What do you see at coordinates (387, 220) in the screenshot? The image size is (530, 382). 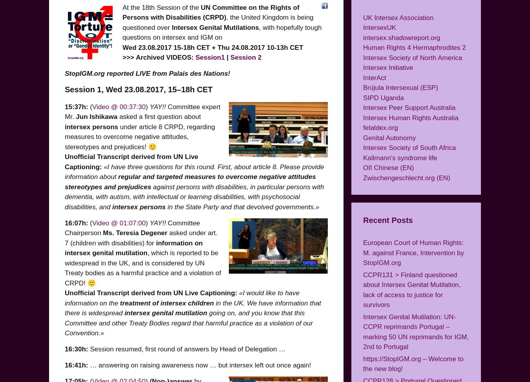 I see `'Recent Posts'` at bounding box center [387, 220].